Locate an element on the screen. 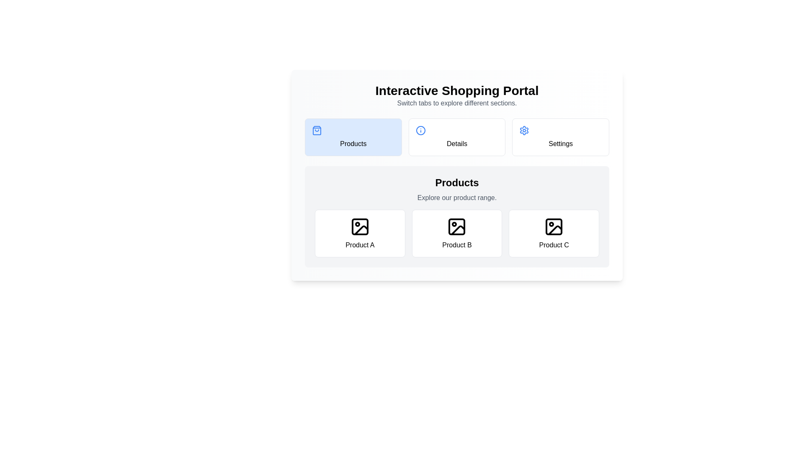 Image resolution: width=804 pixels, height=452 pixels. the product card labeled Product A is located at coordinates (360, 234).